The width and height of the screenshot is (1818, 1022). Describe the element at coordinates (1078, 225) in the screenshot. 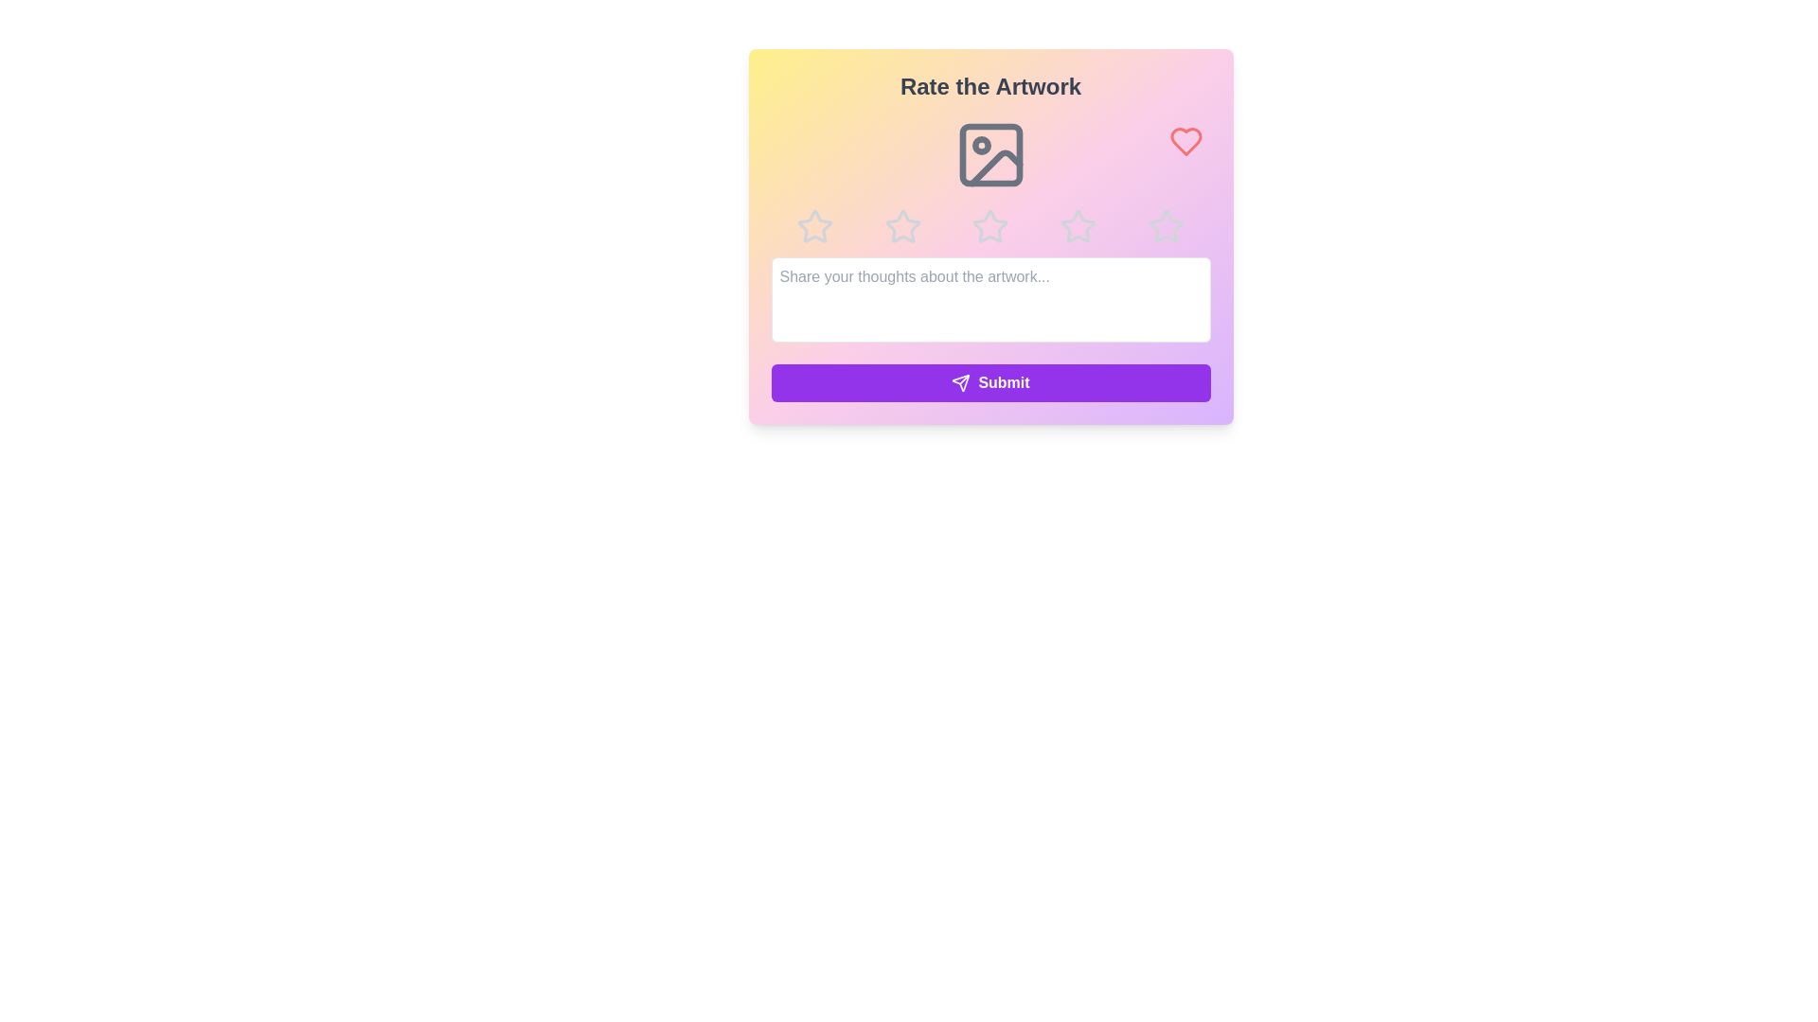

I see `the rating to 4 stars by clicking on the corresponding star icon` at that location.